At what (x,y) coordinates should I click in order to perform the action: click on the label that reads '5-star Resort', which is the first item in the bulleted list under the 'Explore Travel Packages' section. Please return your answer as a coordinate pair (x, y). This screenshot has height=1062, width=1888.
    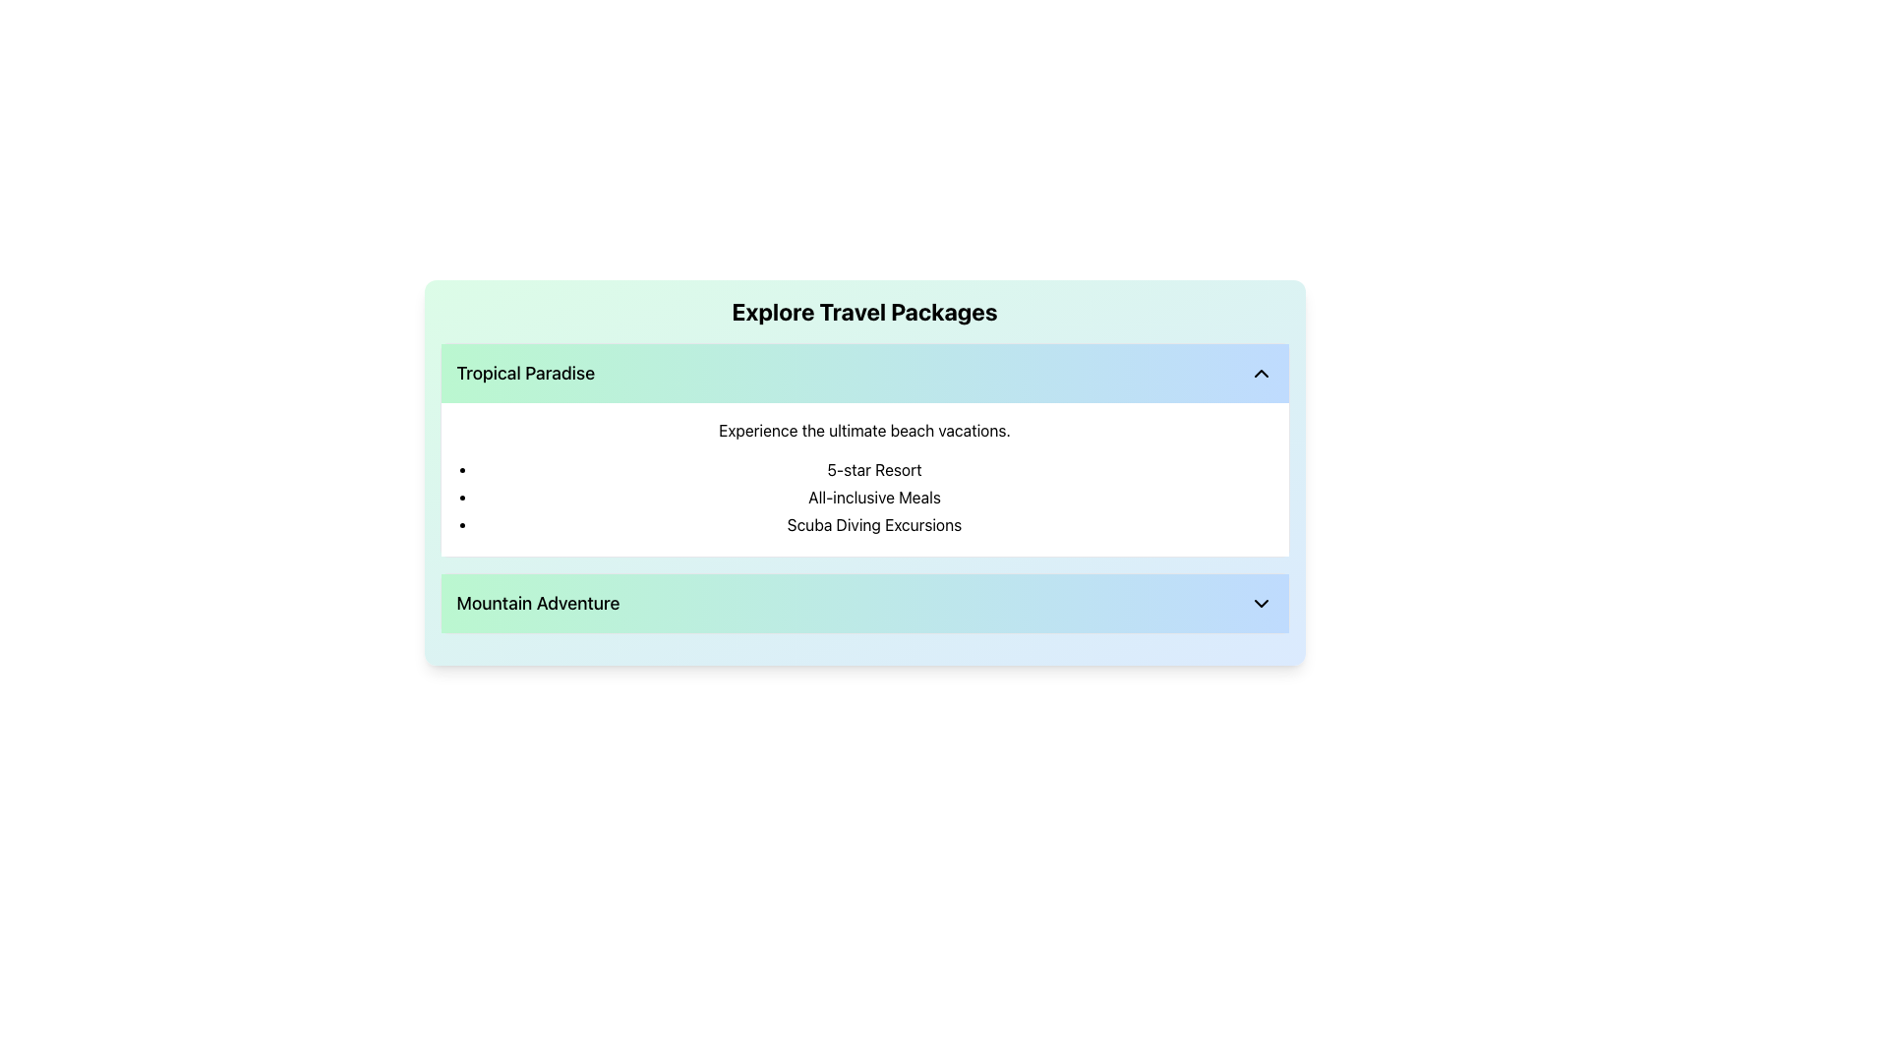
    Looking at the image, I should click on (873, 470).